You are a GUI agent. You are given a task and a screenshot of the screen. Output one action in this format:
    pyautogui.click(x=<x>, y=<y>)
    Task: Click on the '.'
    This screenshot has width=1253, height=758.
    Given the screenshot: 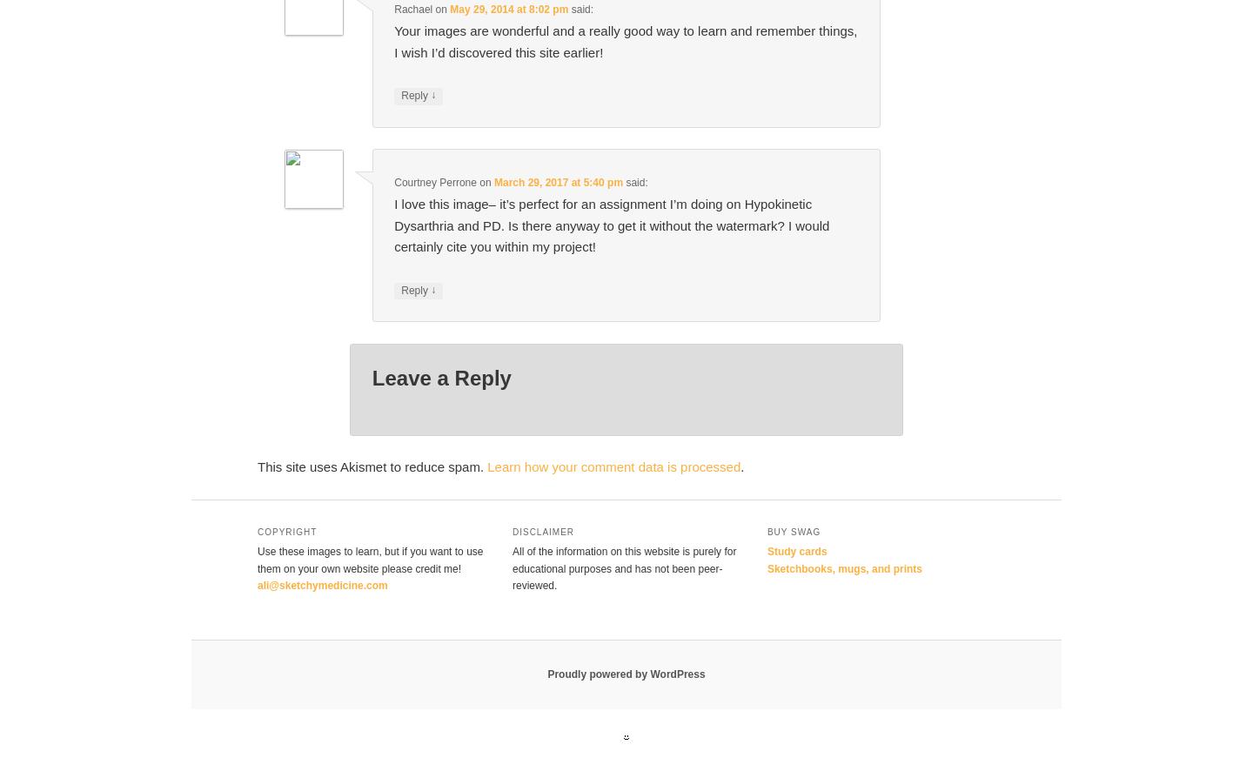 What is the action you would take?
    pyautogui.click(x=741, y=466)
    